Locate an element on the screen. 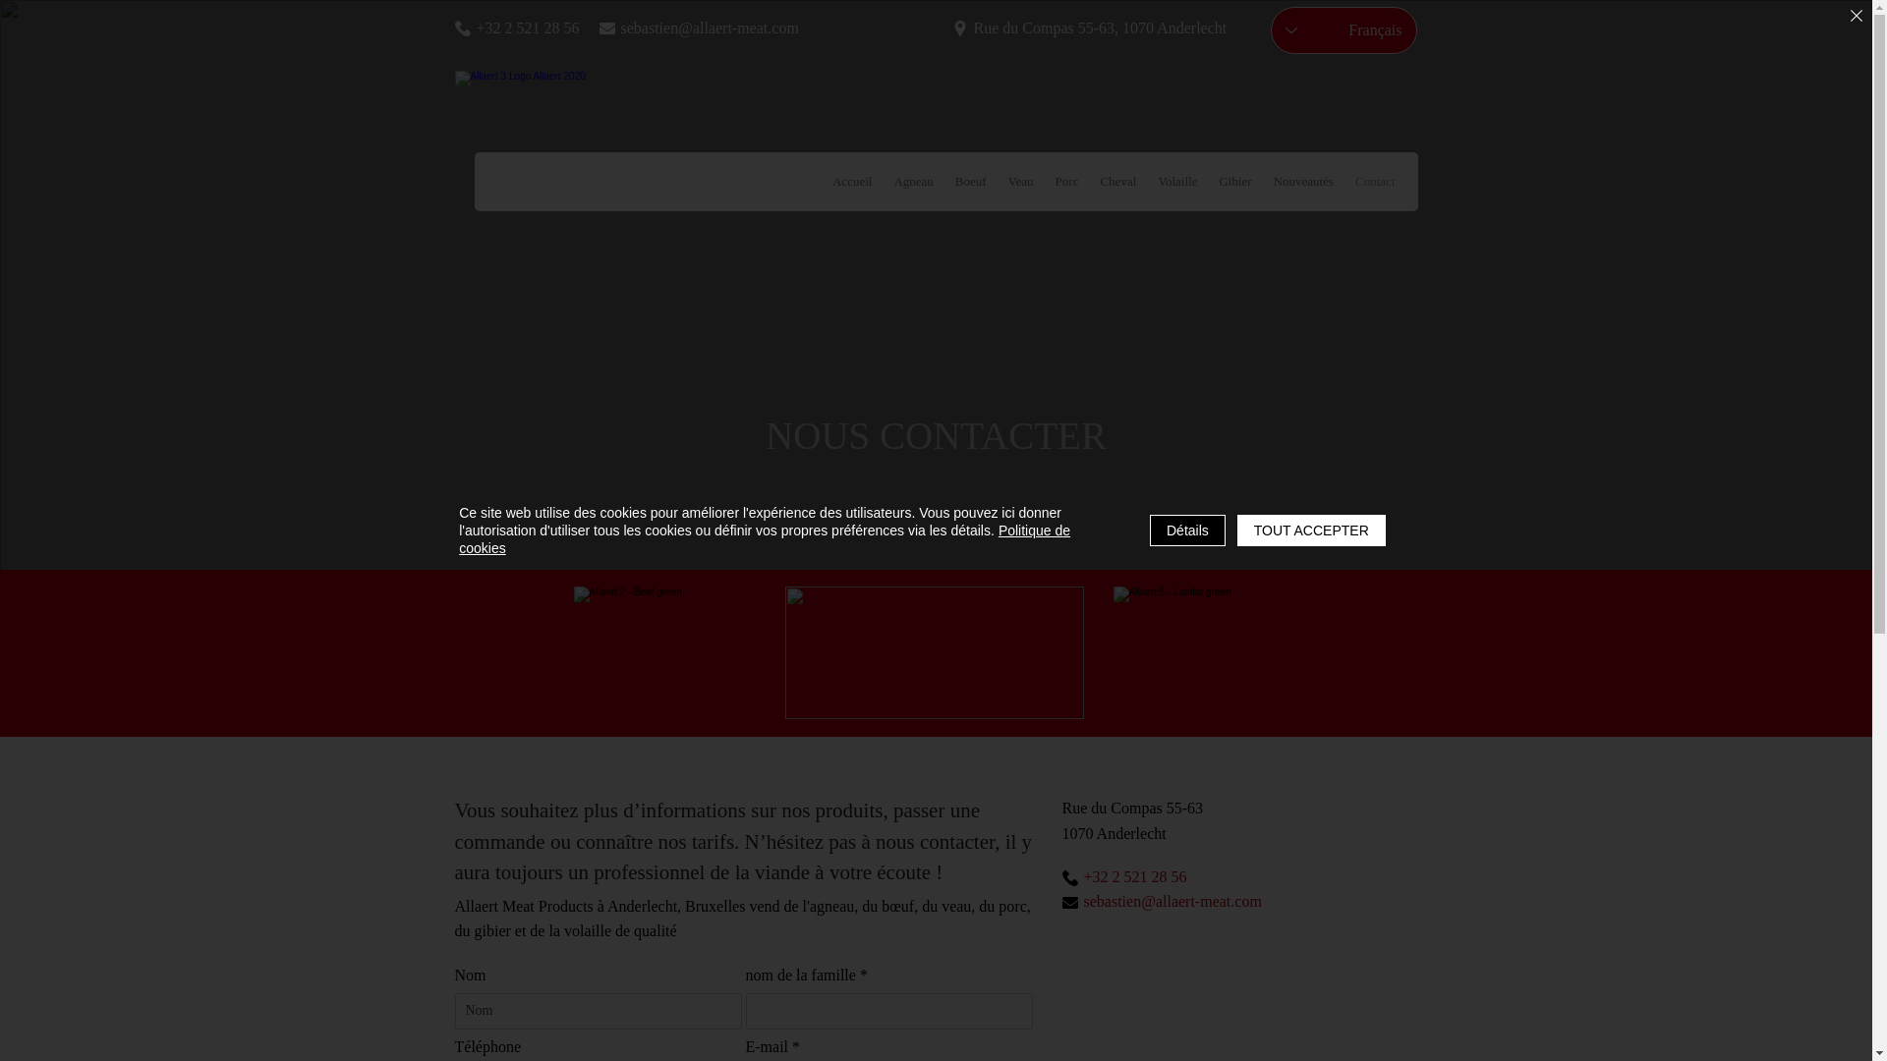  'Agneau' is located at coordinates (912, 182).